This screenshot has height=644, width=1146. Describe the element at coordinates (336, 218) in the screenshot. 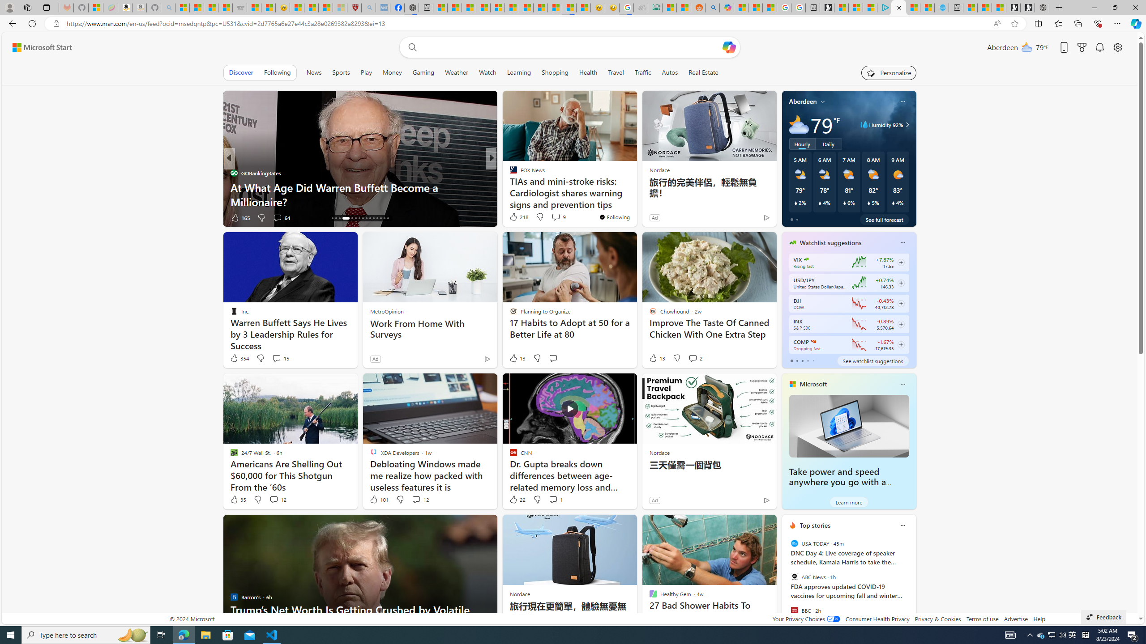

I see `'AutomationID: tab-17'` at that location.